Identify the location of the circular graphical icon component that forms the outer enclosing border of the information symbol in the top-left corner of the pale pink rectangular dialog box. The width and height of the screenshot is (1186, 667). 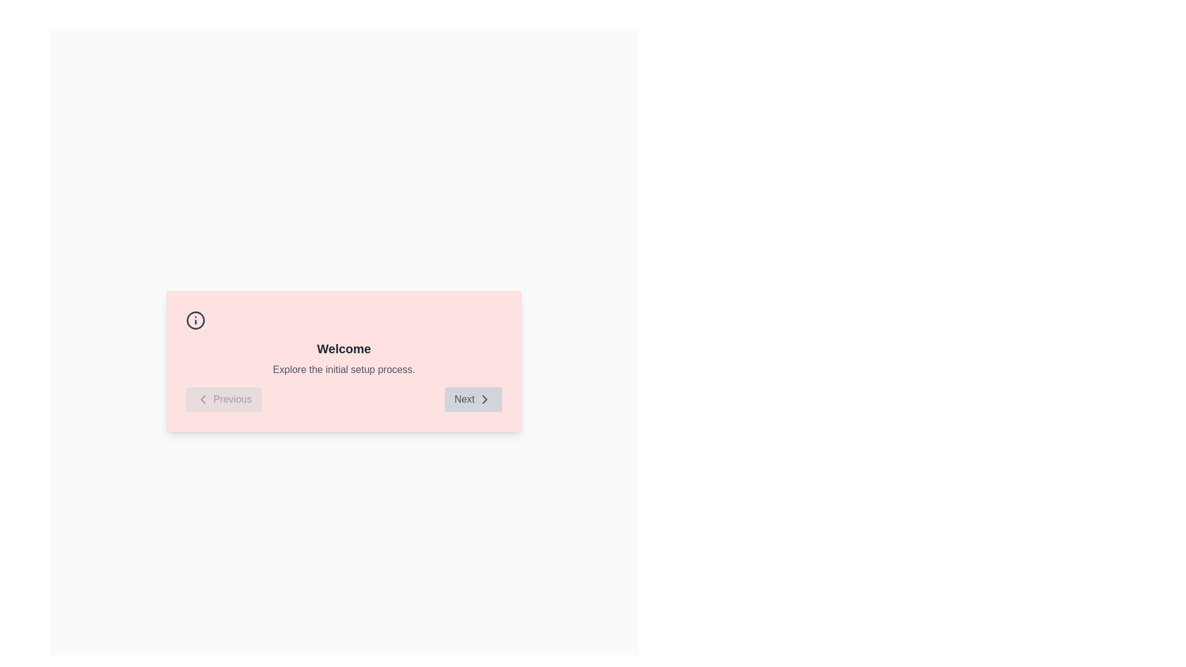
(195, 319).